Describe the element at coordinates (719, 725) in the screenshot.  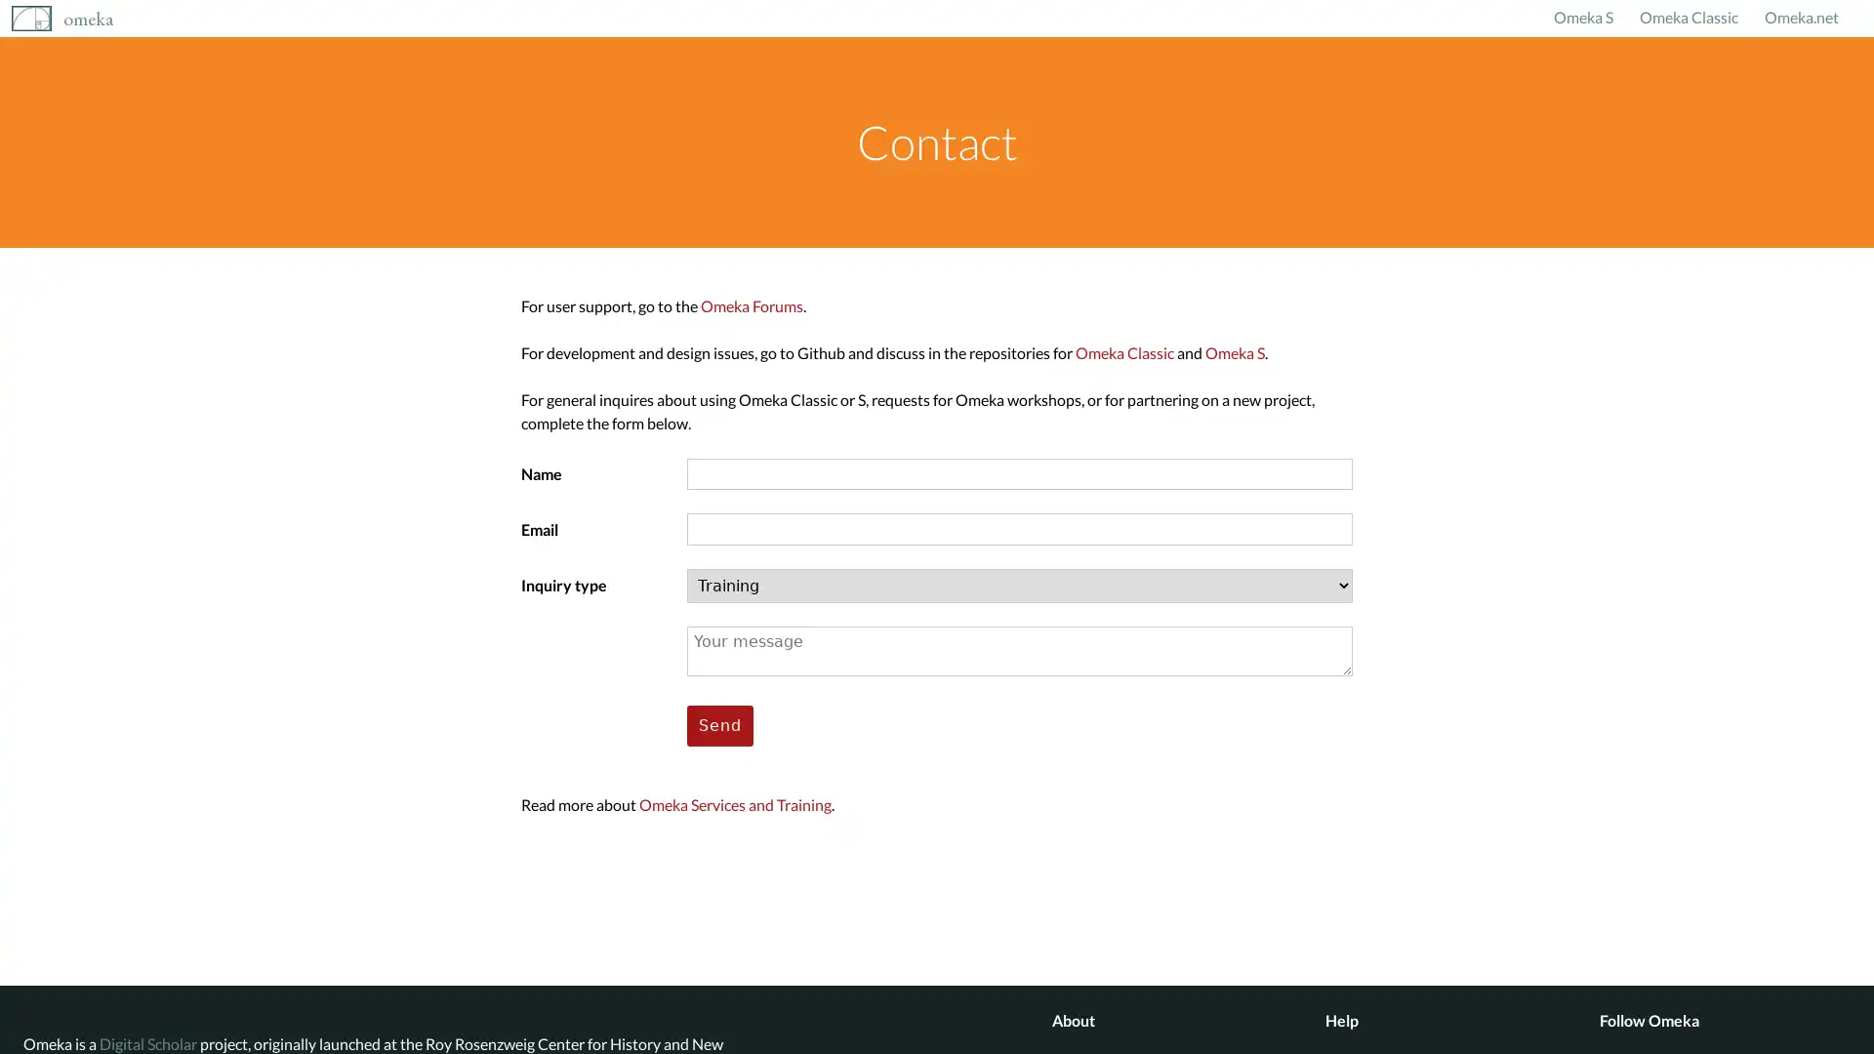
I see `Send` at that location.